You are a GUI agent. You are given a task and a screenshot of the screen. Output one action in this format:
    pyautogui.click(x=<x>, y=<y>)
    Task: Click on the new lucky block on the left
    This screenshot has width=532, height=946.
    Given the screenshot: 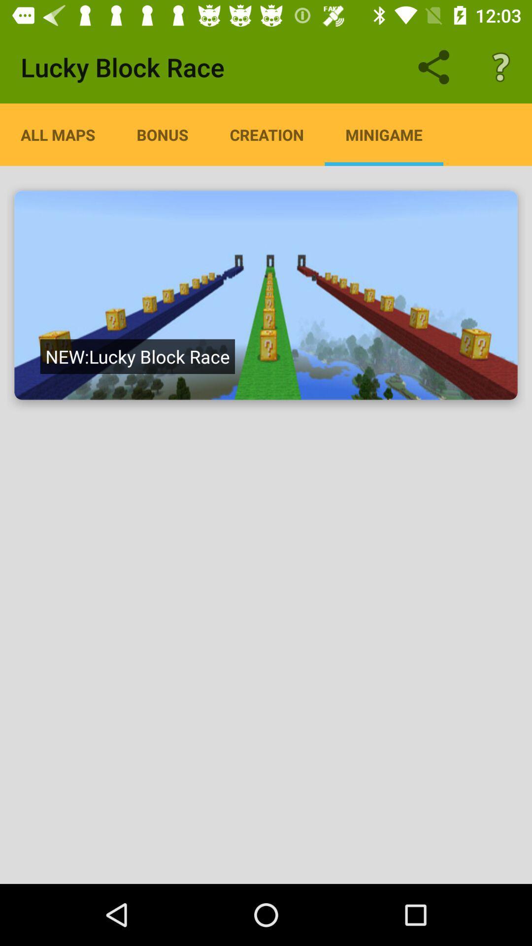 What is the action you would take?
    pyautogui.click(x=137, y=356)
    